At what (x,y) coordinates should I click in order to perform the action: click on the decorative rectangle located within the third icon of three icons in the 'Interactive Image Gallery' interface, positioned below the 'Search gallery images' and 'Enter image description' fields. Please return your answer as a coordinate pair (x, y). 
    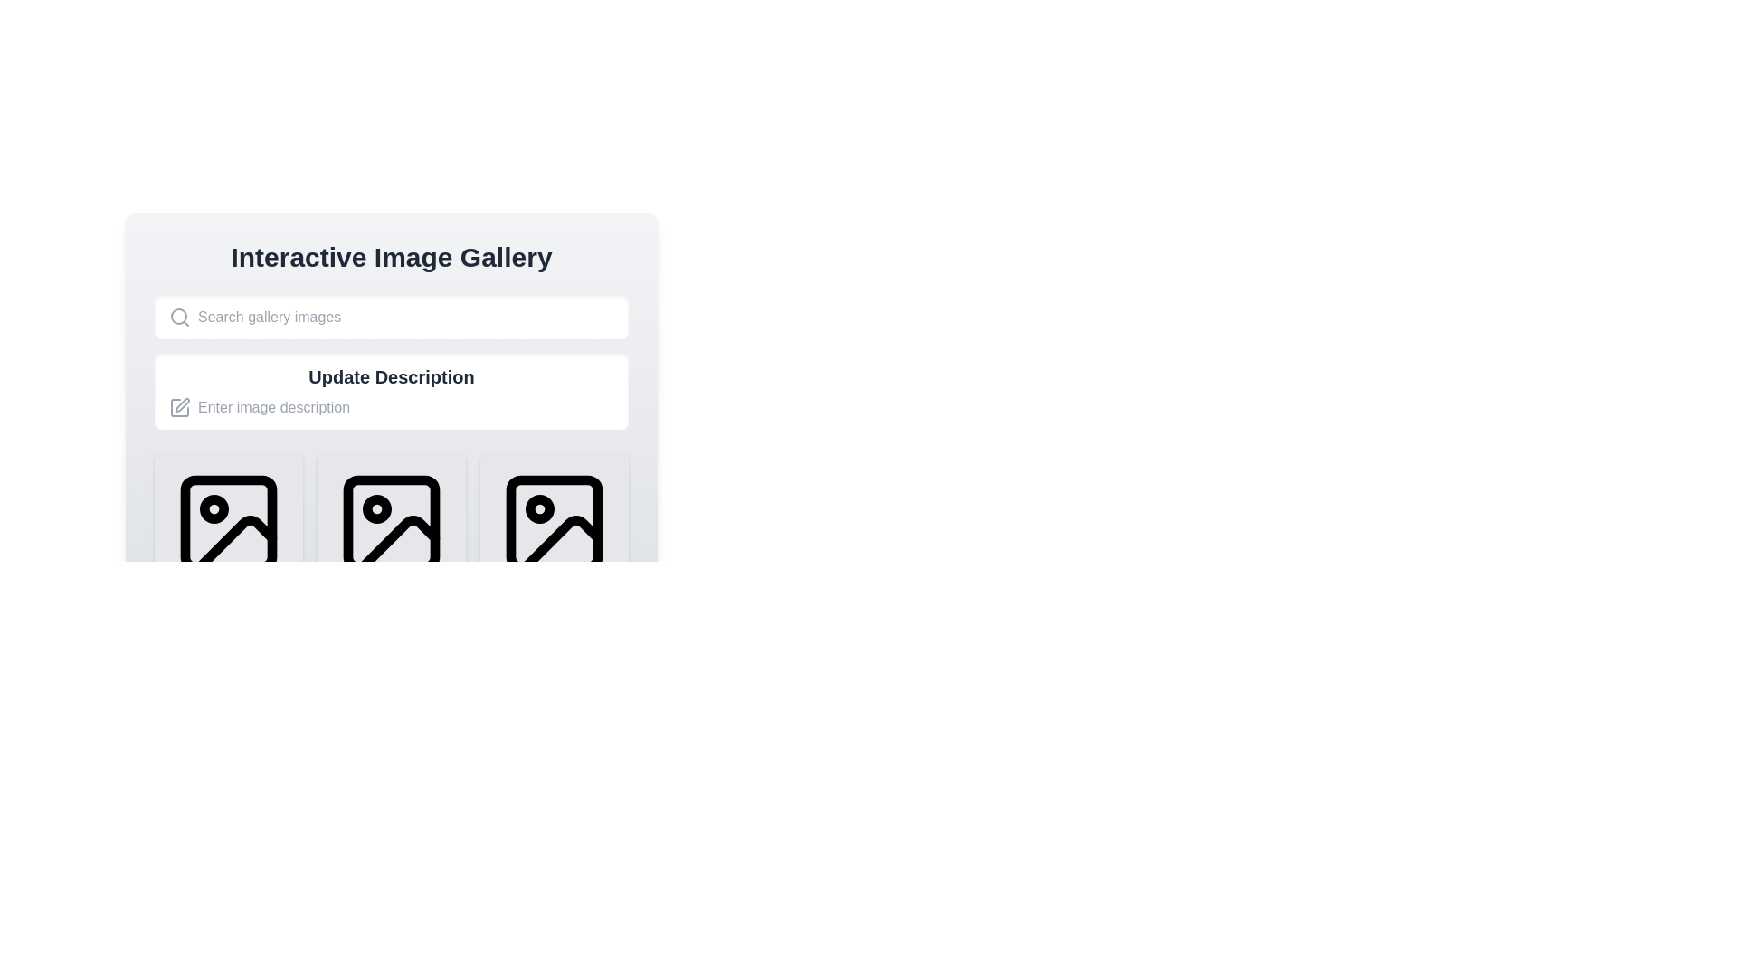
    Looking at the image, I should click on (554, 523).